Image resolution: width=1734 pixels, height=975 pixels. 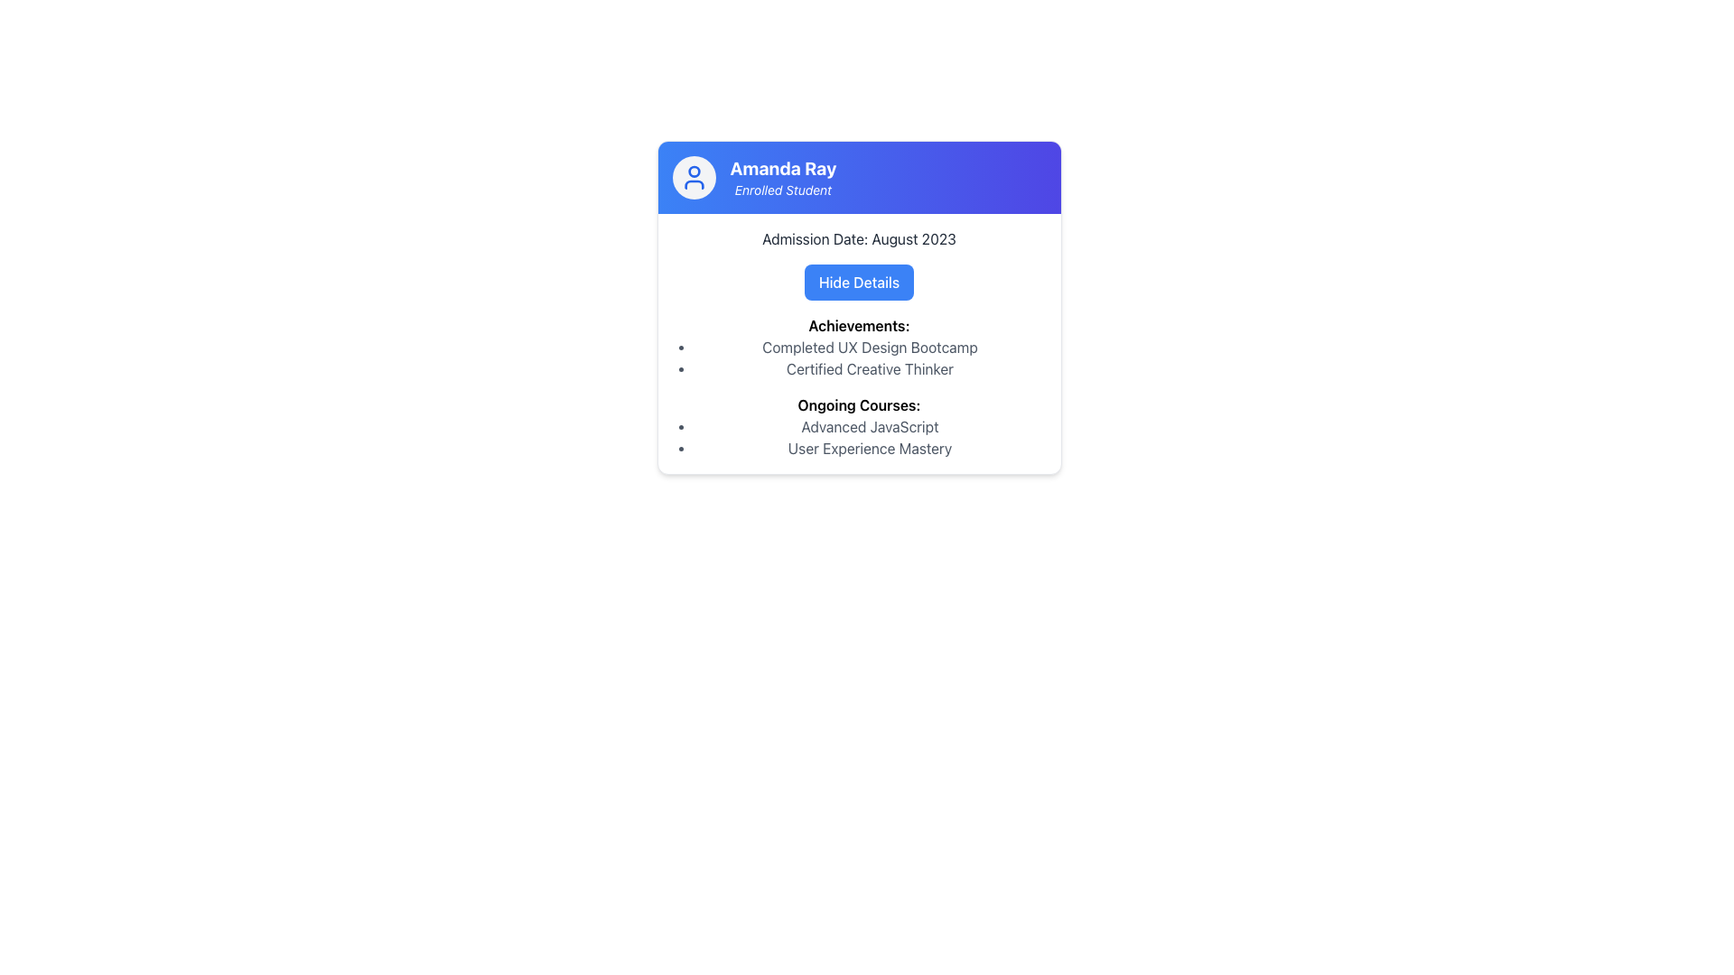 I want to click on the text label displaying 'Ongoing Courses:' which is styled in bold and positioned below the 'Achievements:' heading, so click(x=858, y=404).